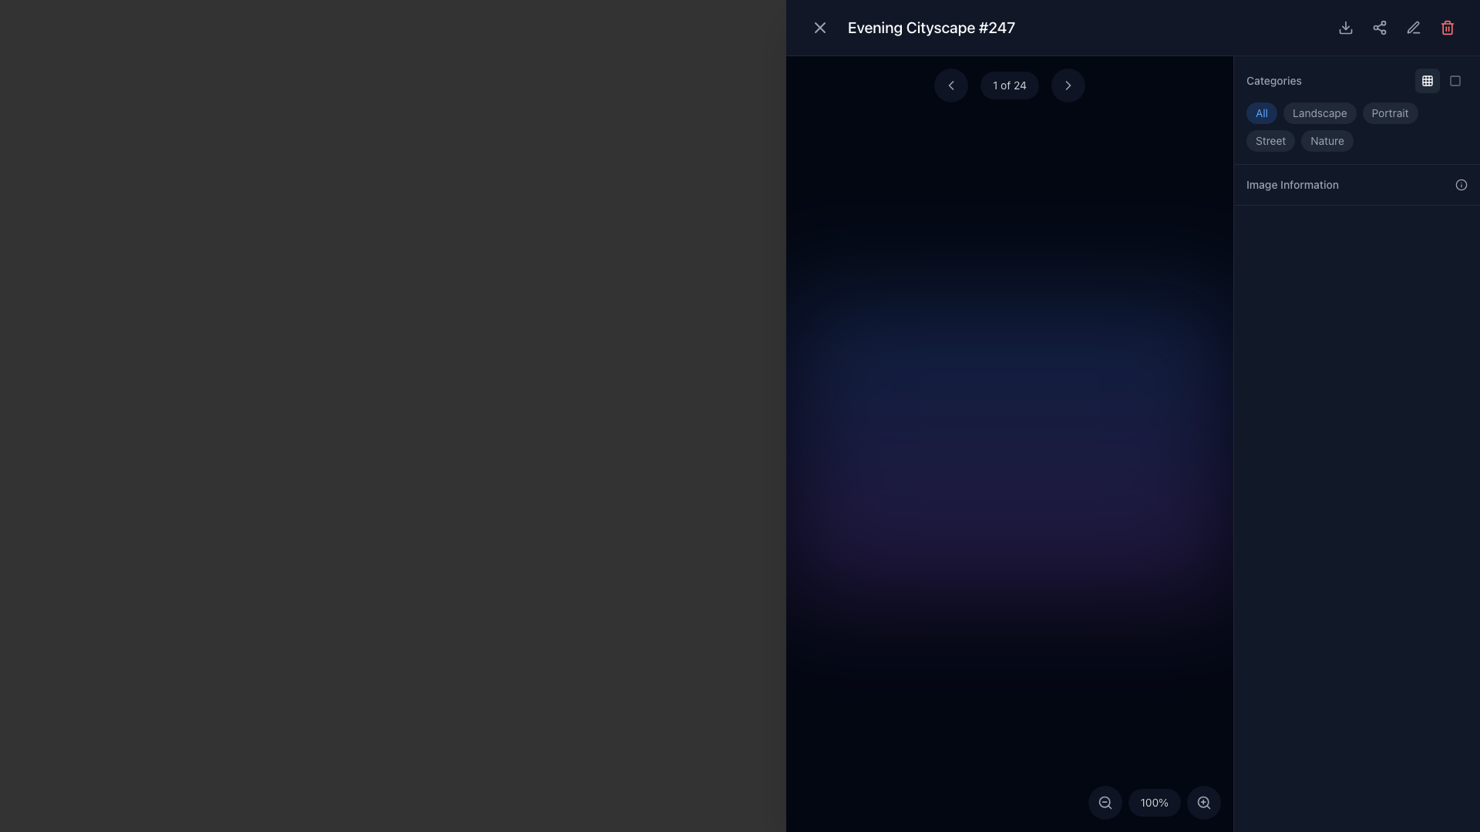  Describe the element at coordinates (1067, 86) in the screenshot. I see `the right-pointing chevron icon button with a dark semi-transparent background` at that location.